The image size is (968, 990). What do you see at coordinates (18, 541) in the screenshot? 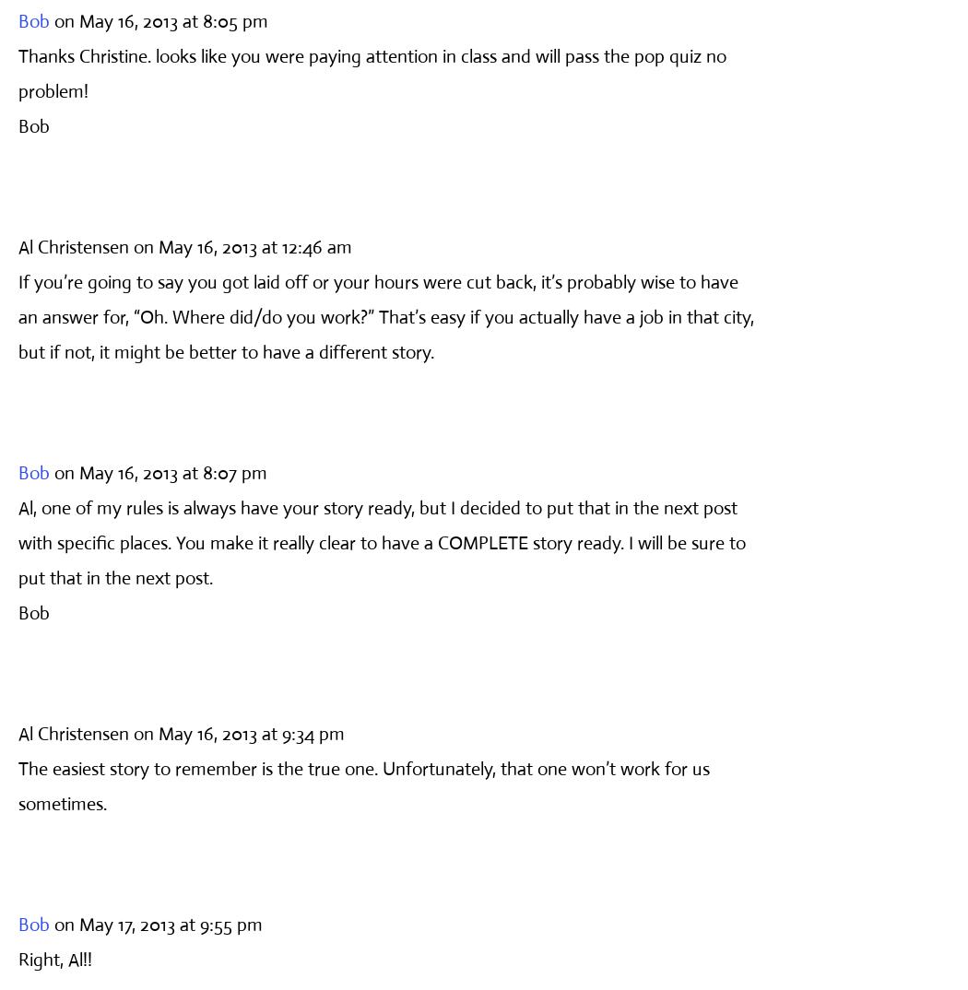
I see `'Al, one of my rules is always have your story ready, but I decided to put that in the next post with specific places. You make it really clear to have a COMPLETE story ready. I will be sure to put that in the next post.'` at bounding box center [18, 541].